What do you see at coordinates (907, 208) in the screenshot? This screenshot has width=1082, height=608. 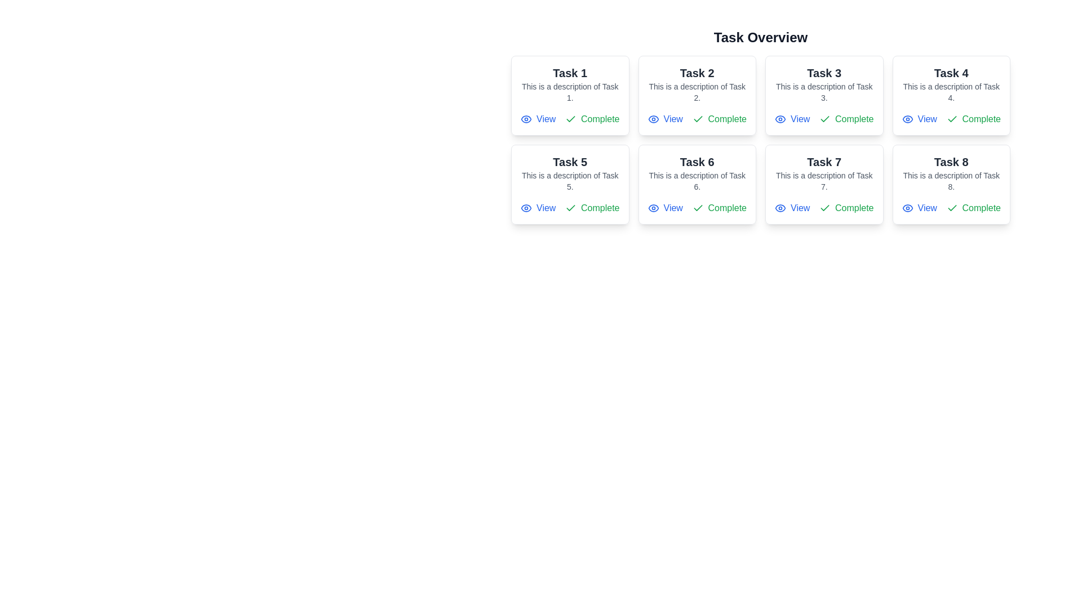 I see `the outer elliptical line segment of the eye icon in the bottom middle row of the task overview grid under 'Task 8'` at bounding box center [907, 208].